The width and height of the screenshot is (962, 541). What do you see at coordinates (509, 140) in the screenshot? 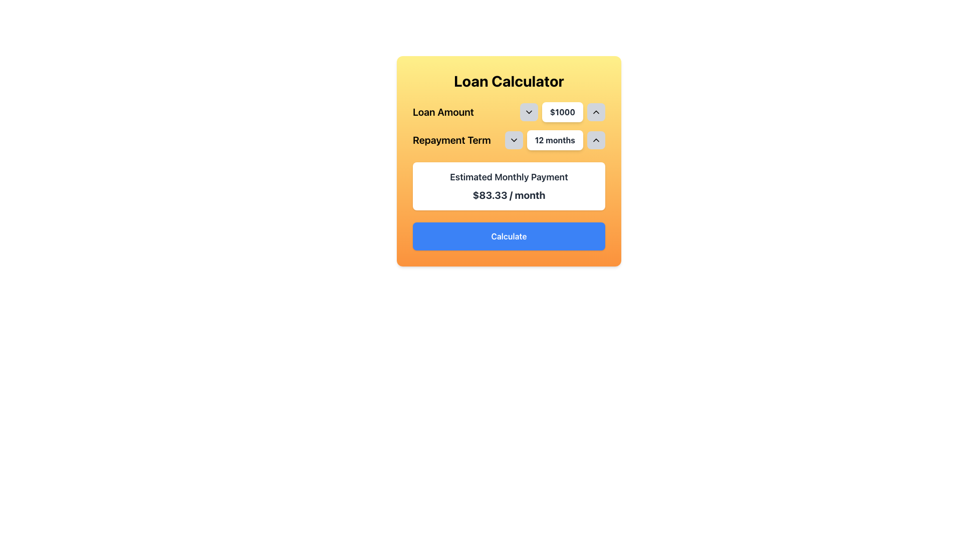
I see `the down-arrow icon within the 'Repayment Term' dropdown selector row to decrease the term value` at bounding box center [509, 140].